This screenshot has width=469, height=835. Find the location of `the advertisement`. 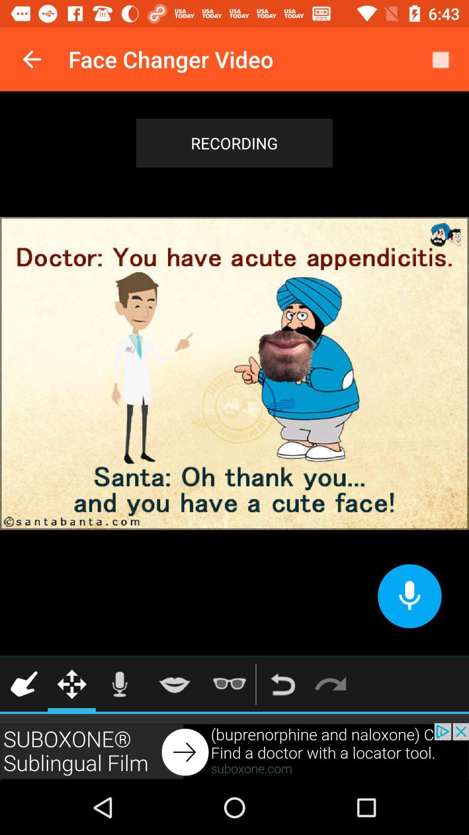

the advertisement is located at coordinates (234, 751).